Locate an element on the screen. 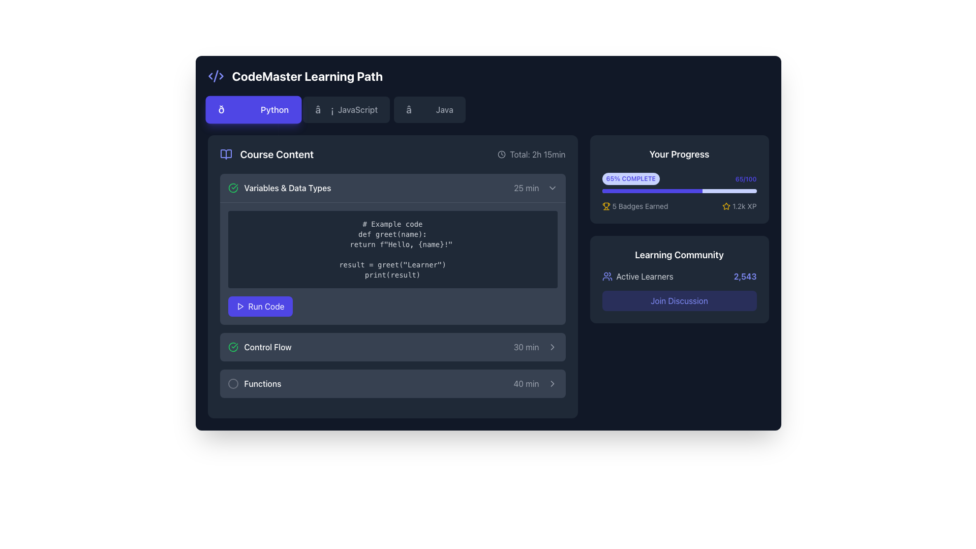 This screenshot has width=976, height=549. the Python programming language text label located in the top section of the UI, which serves as a button label within a grouped navigation menu for language options is located at coordinates (274, 110).